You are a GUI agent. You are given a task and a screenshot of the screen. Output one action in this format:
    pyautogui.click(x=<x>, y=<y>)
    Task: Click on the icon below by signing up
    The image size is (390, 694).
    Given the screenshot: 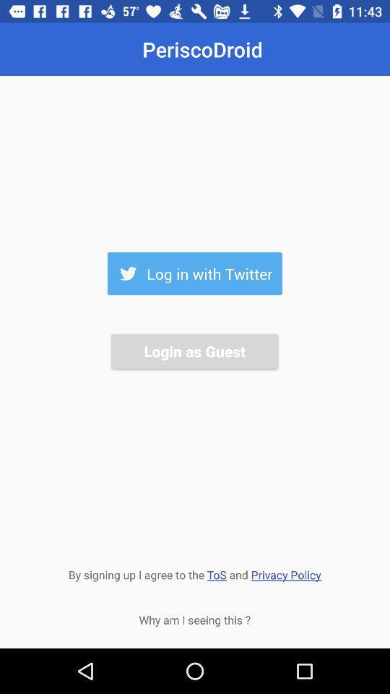 What is the action you would take?
    pyautogui.click(x=194, y=619)
    